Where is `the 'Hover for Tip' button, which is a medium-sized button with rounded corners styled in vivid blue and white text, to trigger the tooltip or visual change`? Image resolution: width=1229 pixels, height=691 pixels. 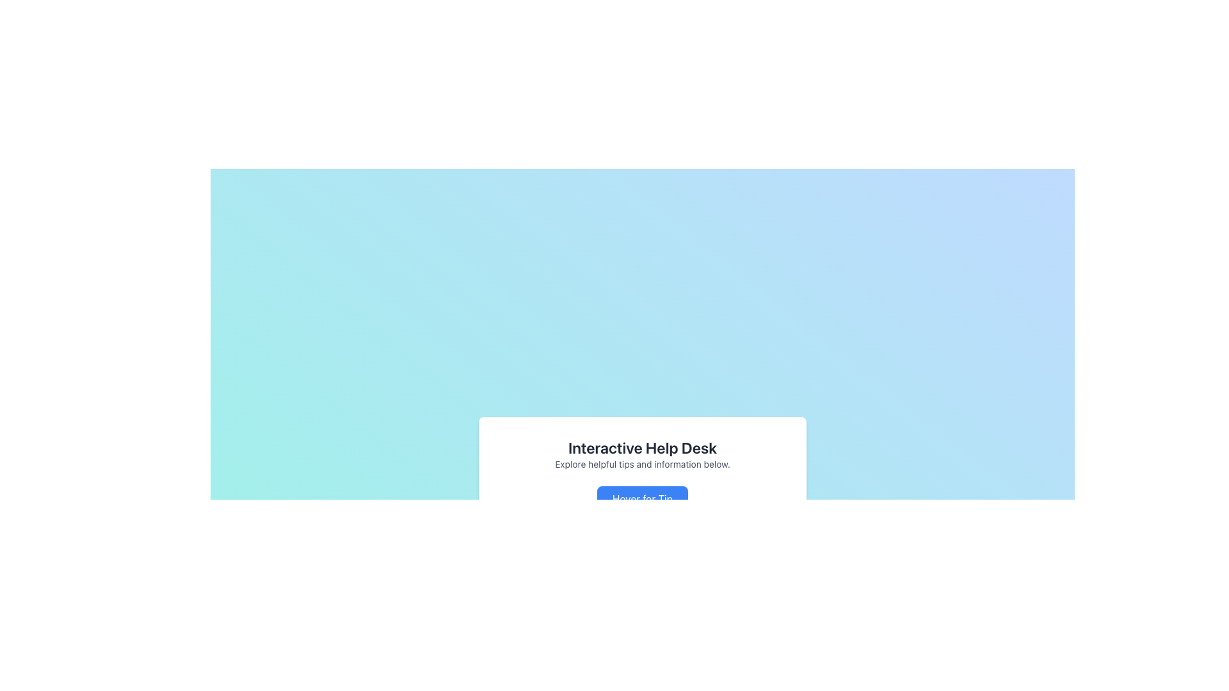
the 'Hover for Tip' button, which is a medium-sized button with rounded corners styled in vivid blue and white text, to trigger the tooltip or visual change is located at coordinates (642, 498).